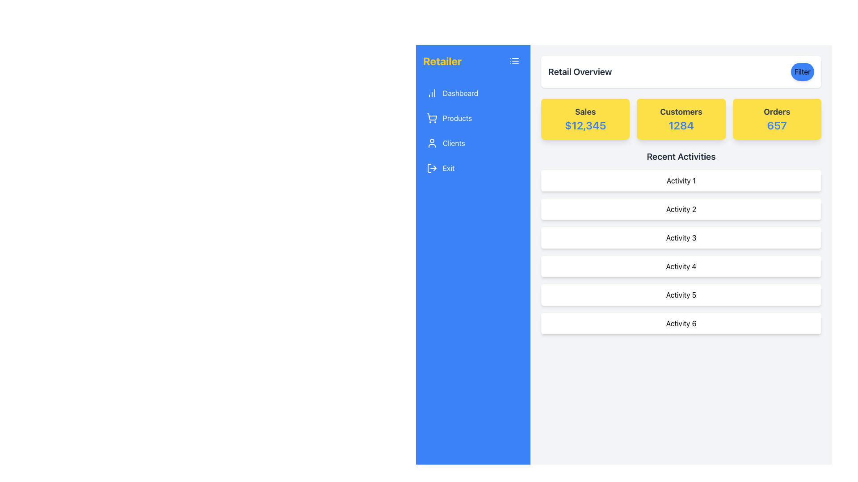 The height and width of the screenshot is (482, 858). I want to click on the hover effect on the button-like informational card displaying 'Activity 4', which is the fourth element in a vertical sequence of six activities, so click(681, 266).